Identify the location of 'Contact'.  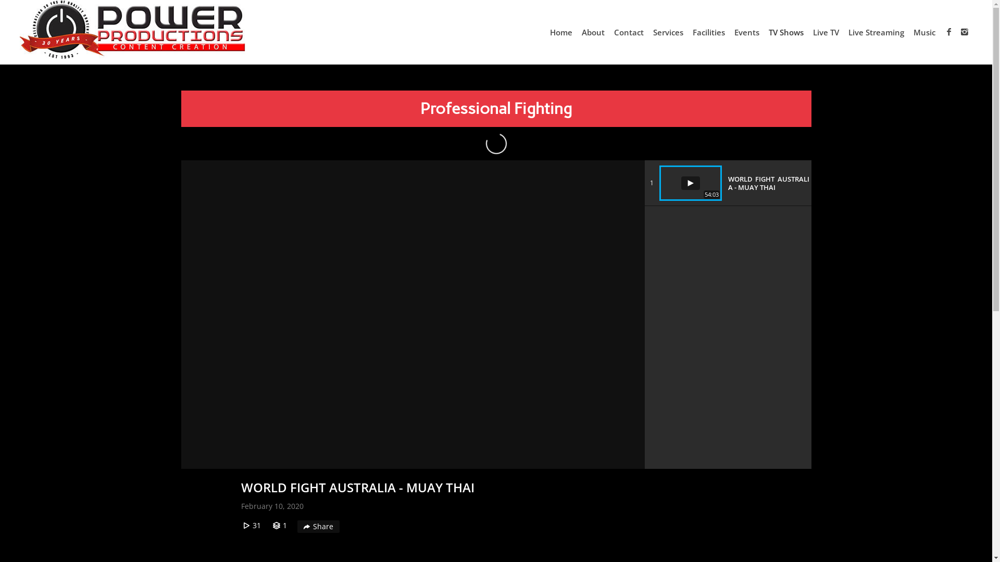
(628, 31).